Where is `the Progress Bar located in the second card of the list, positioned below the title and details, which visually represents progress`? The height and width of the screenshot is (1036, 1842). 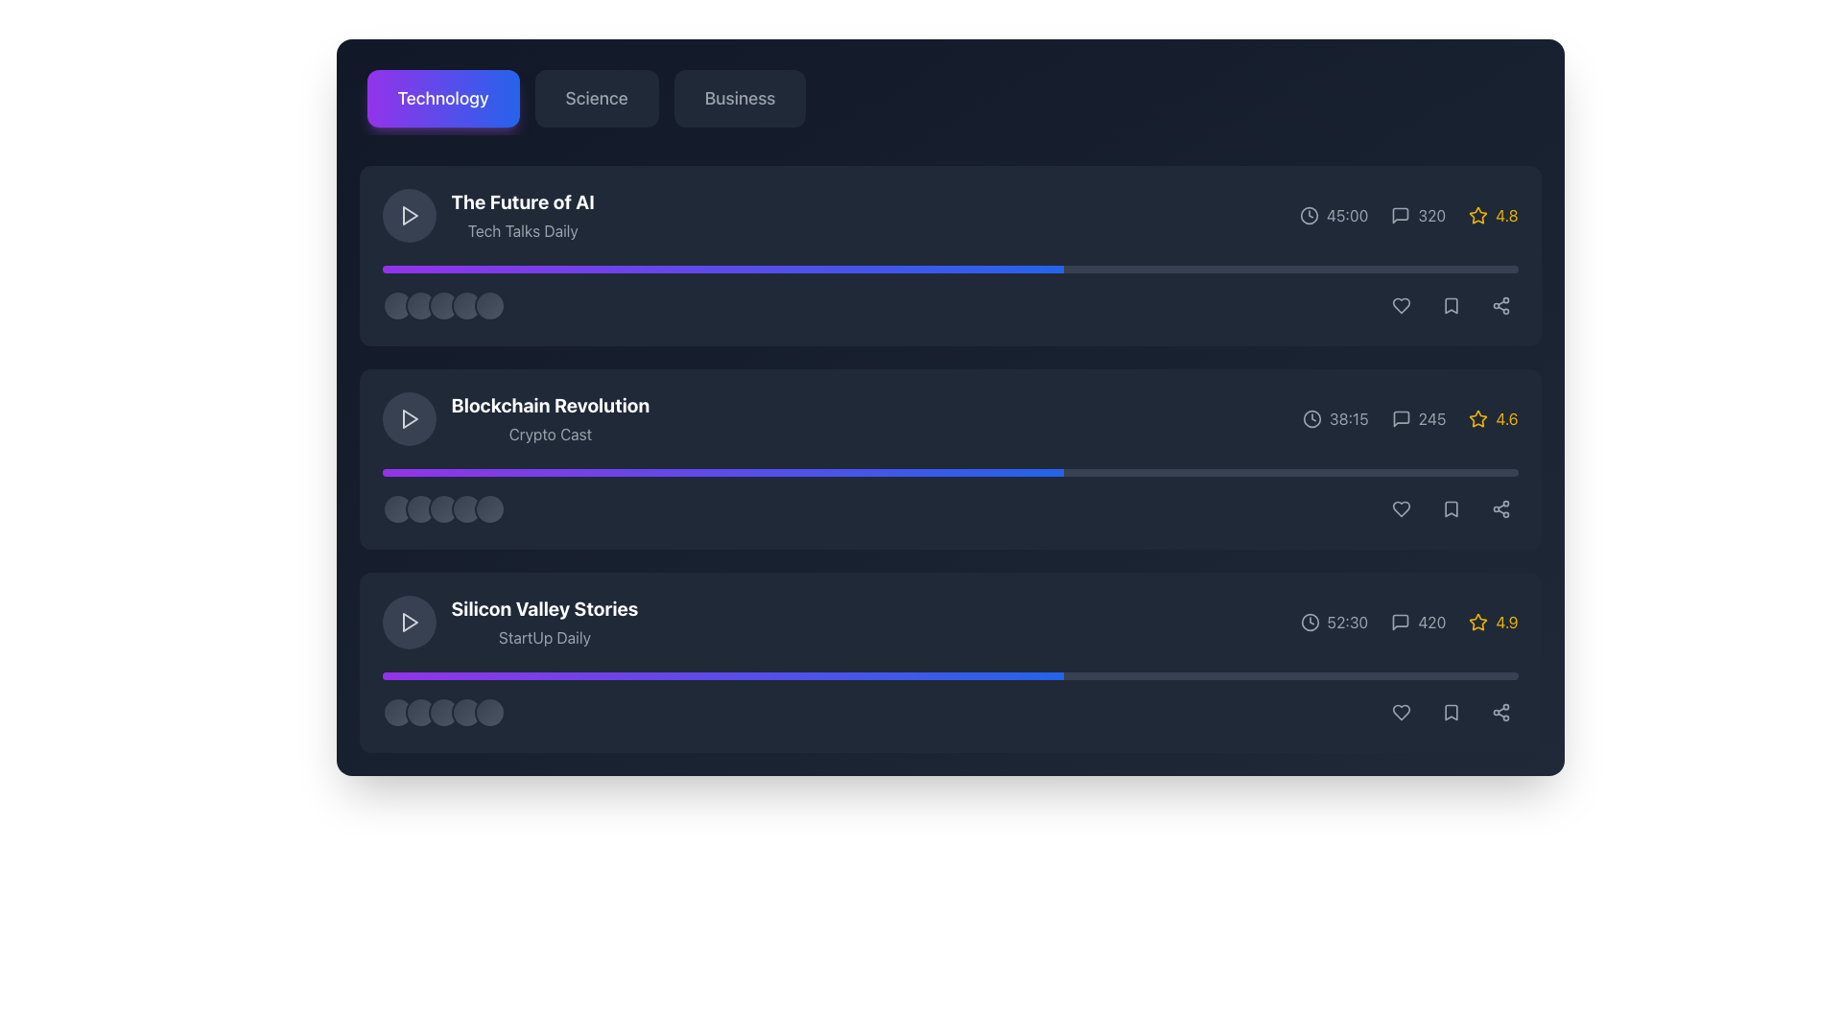
the Progress Bar located in the second card of the list, positioned below the title and details, which visually represents progress is located at coordinates (950, 473).